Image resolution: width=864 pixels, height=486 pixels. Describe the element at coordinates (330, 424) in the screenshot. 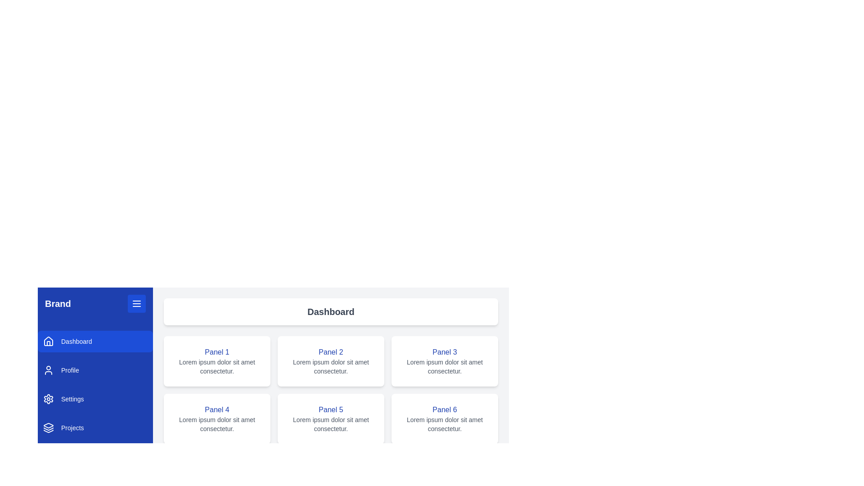

I see `the text block that provides additional context for 'Panel 5'` at that location.